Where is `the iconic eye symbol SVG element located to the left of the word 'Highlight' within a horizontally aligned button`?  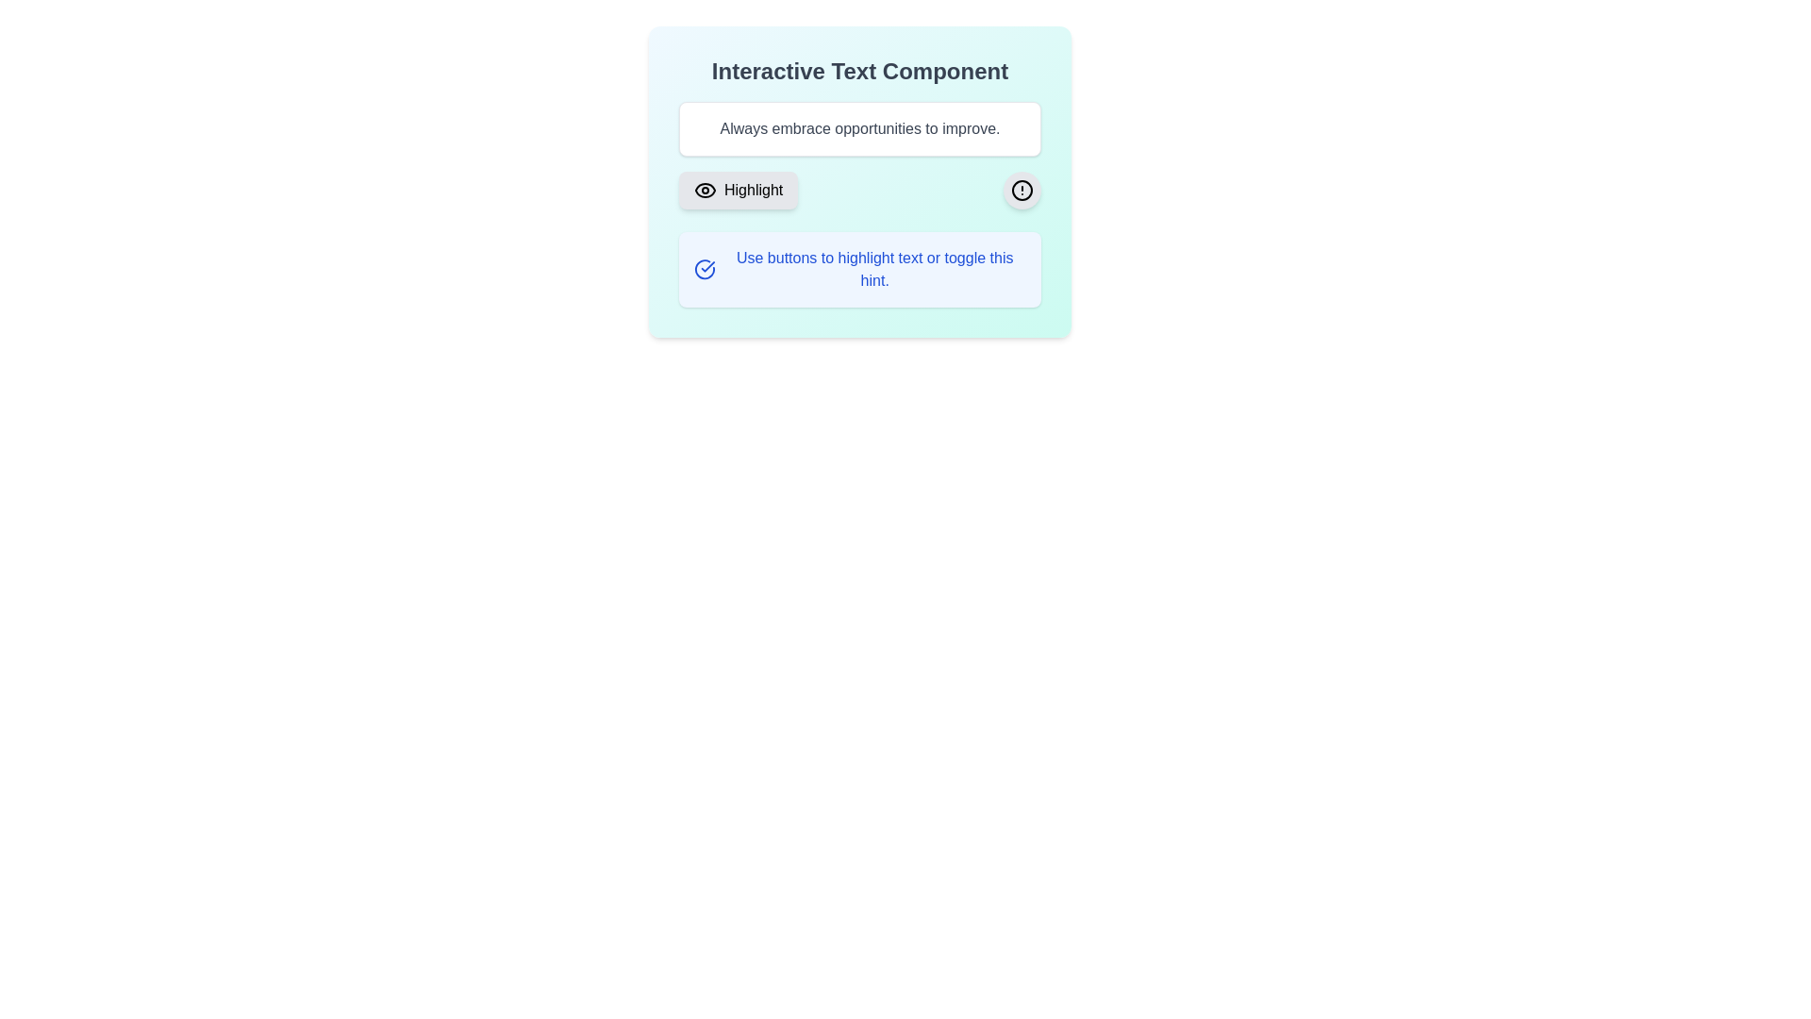
the iconic eye symbol SVG element located to the left of the word 'Highlight' within a horizontally aligned button is located at coordinates (705, 190).